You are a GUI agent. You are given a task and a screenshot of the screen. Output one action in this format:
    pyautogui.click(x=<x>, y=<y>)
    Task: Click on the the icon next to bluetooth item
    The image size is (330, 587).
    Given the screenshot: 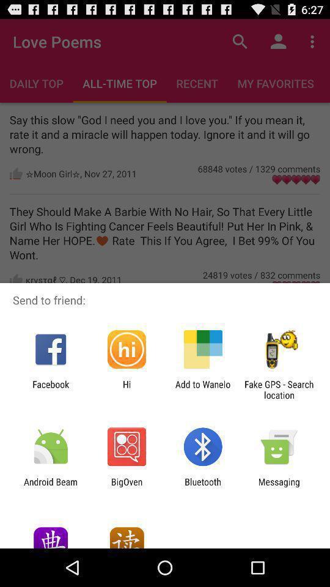 What is the action you would take?
    pyautogui.click(x=279, y=487)
    